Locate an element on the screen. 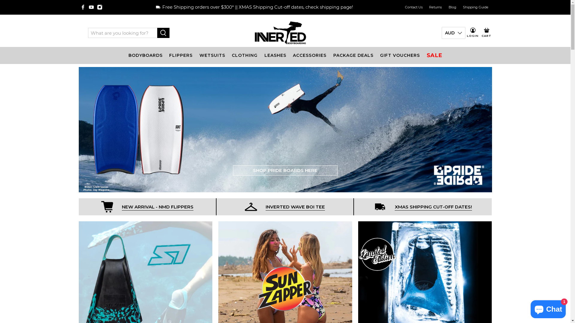 The width and height of the screenshot is (575, 323). 'LOGIN' is located at coordinates (472, 33).